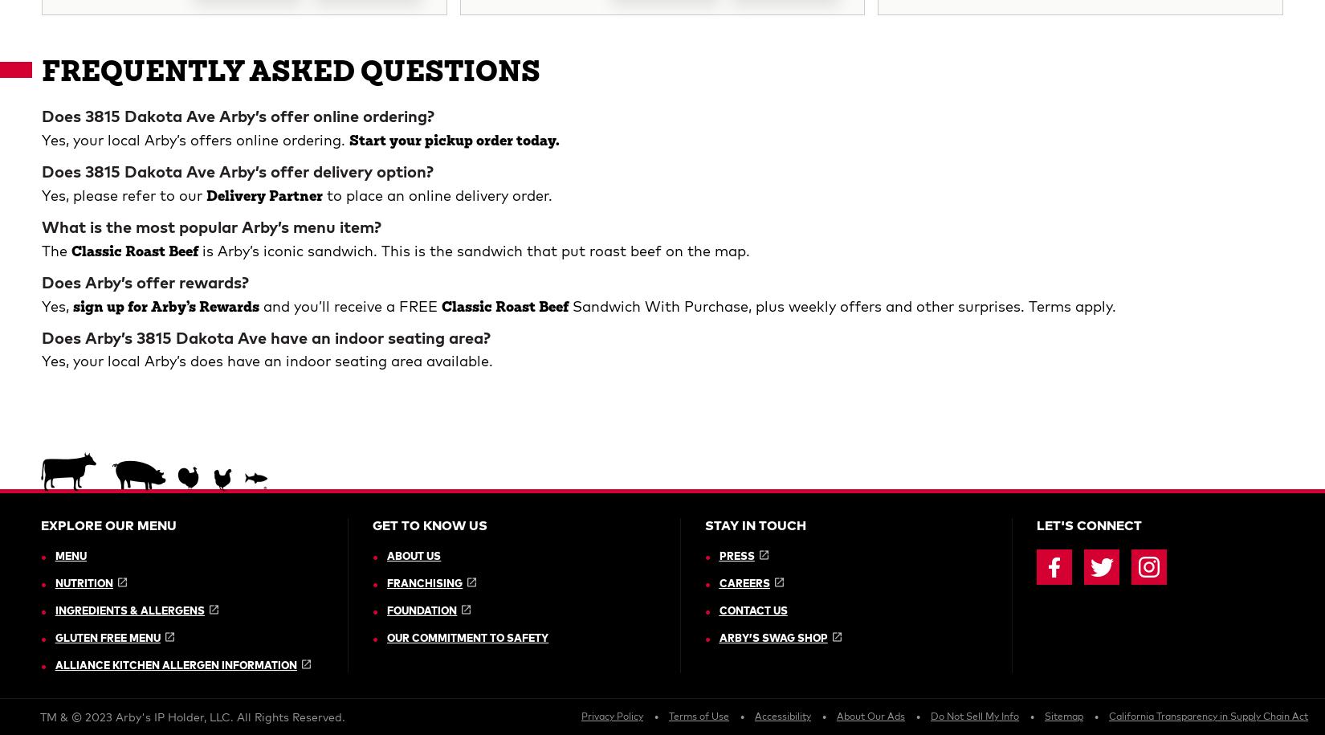  What do you see at coordinates (930, 156) in the screenshot?
I see `'Do Not Sell My Info'` at bounding box center [930, 156].